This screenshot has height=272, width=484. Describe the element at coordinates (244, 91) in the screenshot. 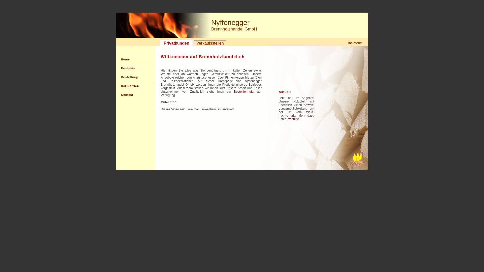

I see `'Bestellformular'` at that location.